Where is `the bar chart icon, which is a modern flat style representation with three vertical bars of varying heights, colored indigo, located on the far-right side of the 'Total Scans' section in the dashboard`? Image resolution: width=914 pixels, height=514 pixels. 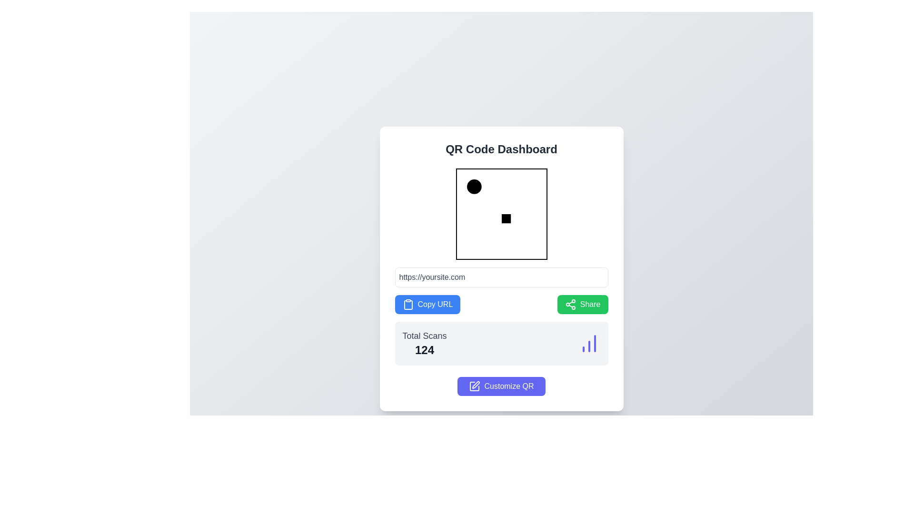
the bar chart icon, which is a modern flat style representation with three vertical bars of varying heights, colored indigo, located on the far-right side of the 'Total Scans' section in the dashboard is located at coordinates (588, 343).